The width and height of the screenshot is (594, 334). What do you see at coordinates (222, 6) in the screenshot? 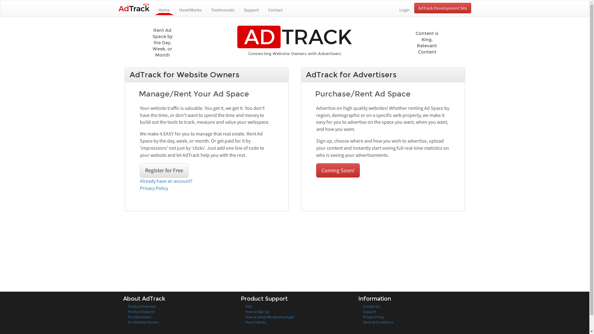
I see `'Testimonials'` at bounding box center [222, 6].